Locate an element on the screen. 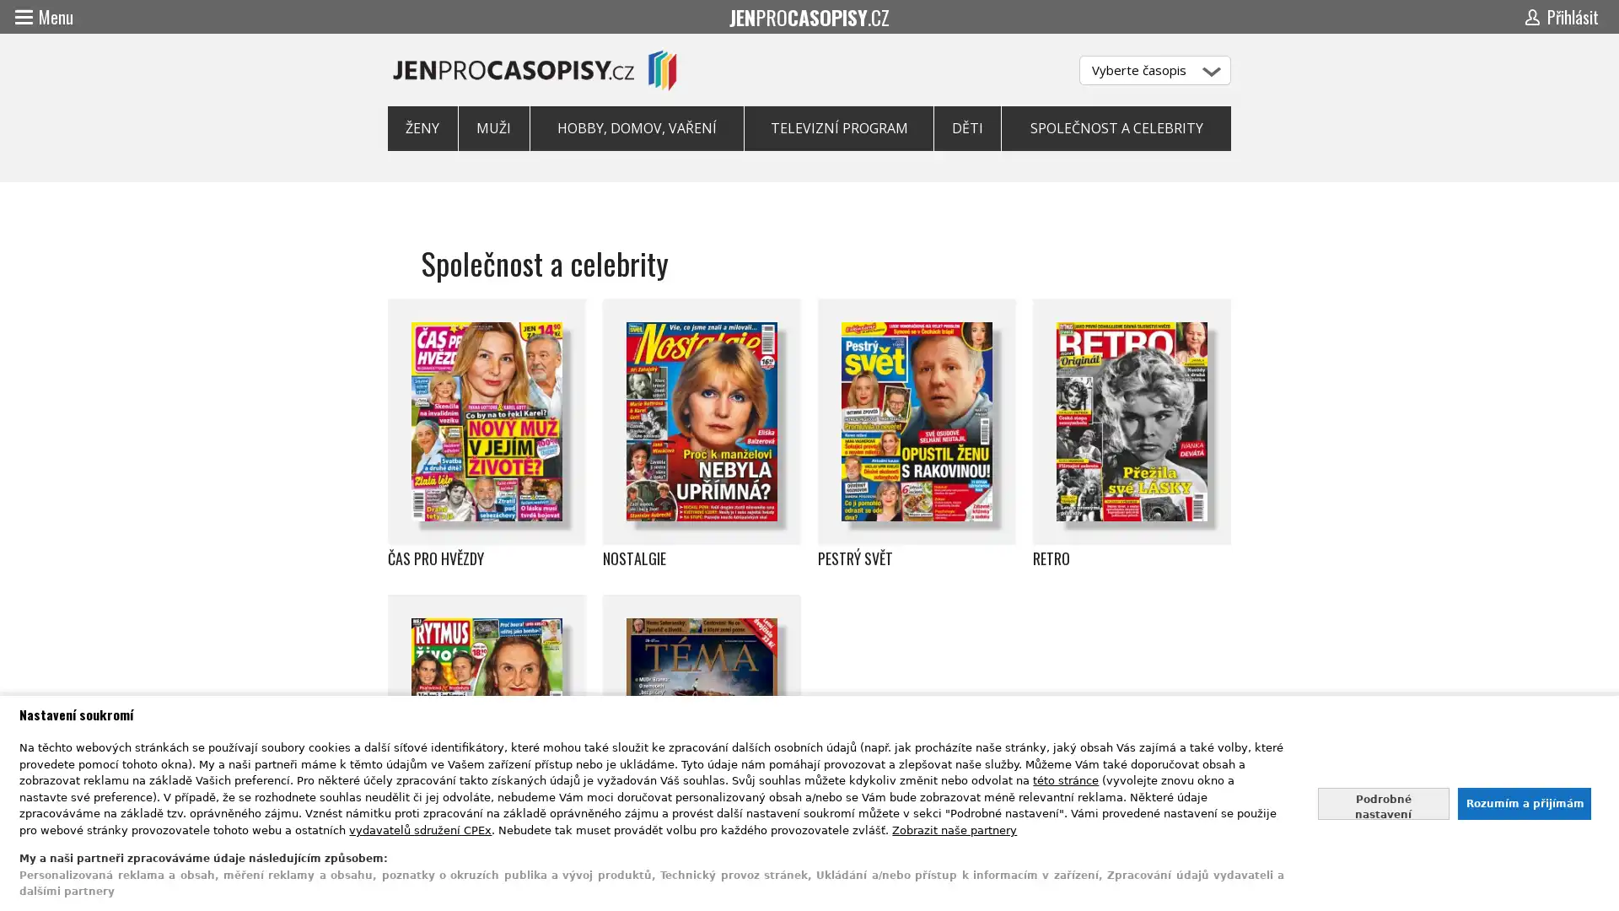 This screenshot has height=911, width=1619. Zobrazit nase partnery is located at coordinates (955, 828).